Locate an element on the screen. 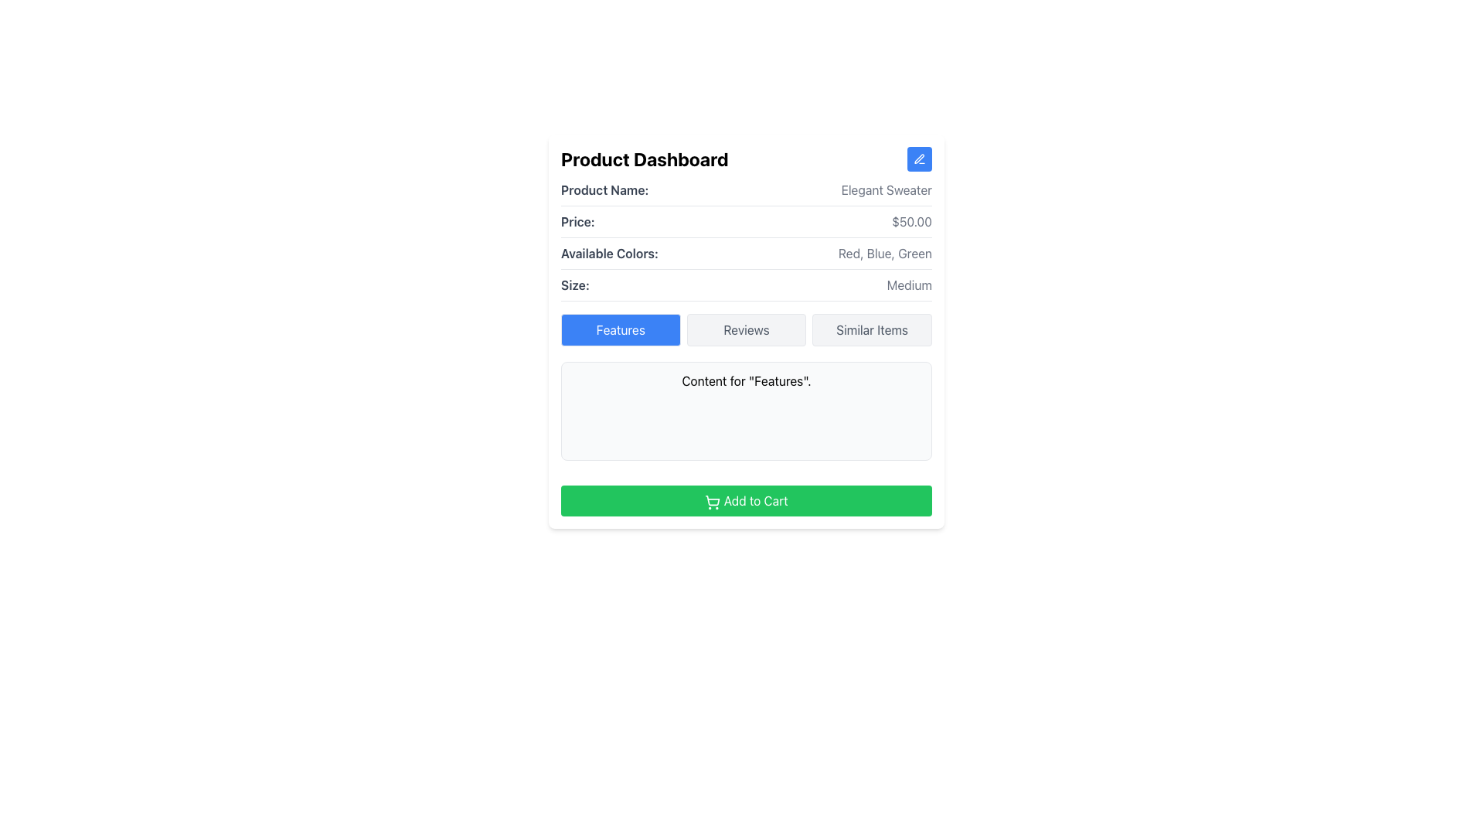  the pen icon located within a blue square button is located at coordinates (919, 158).